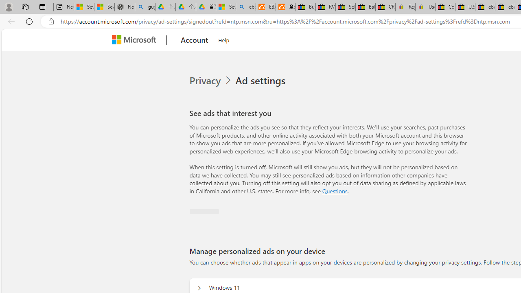 This screenshot has height=293, width=521. Describe the element at coordinates (465, 7) in the screenshot. I see `'U.S. State Privacy Disclosures - eBay Inc.'` at that location.